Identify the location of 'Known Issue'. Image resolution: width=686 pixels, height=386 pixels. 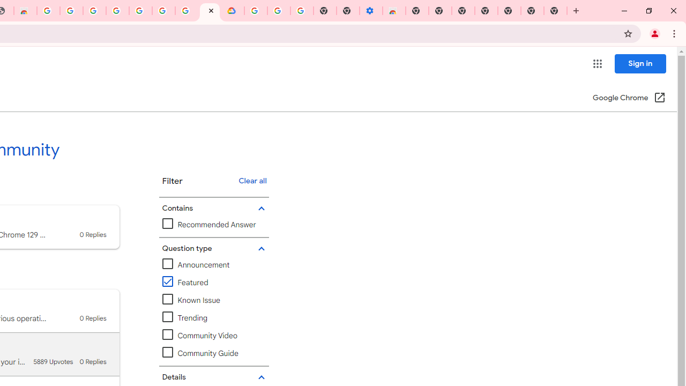
(214, 300).